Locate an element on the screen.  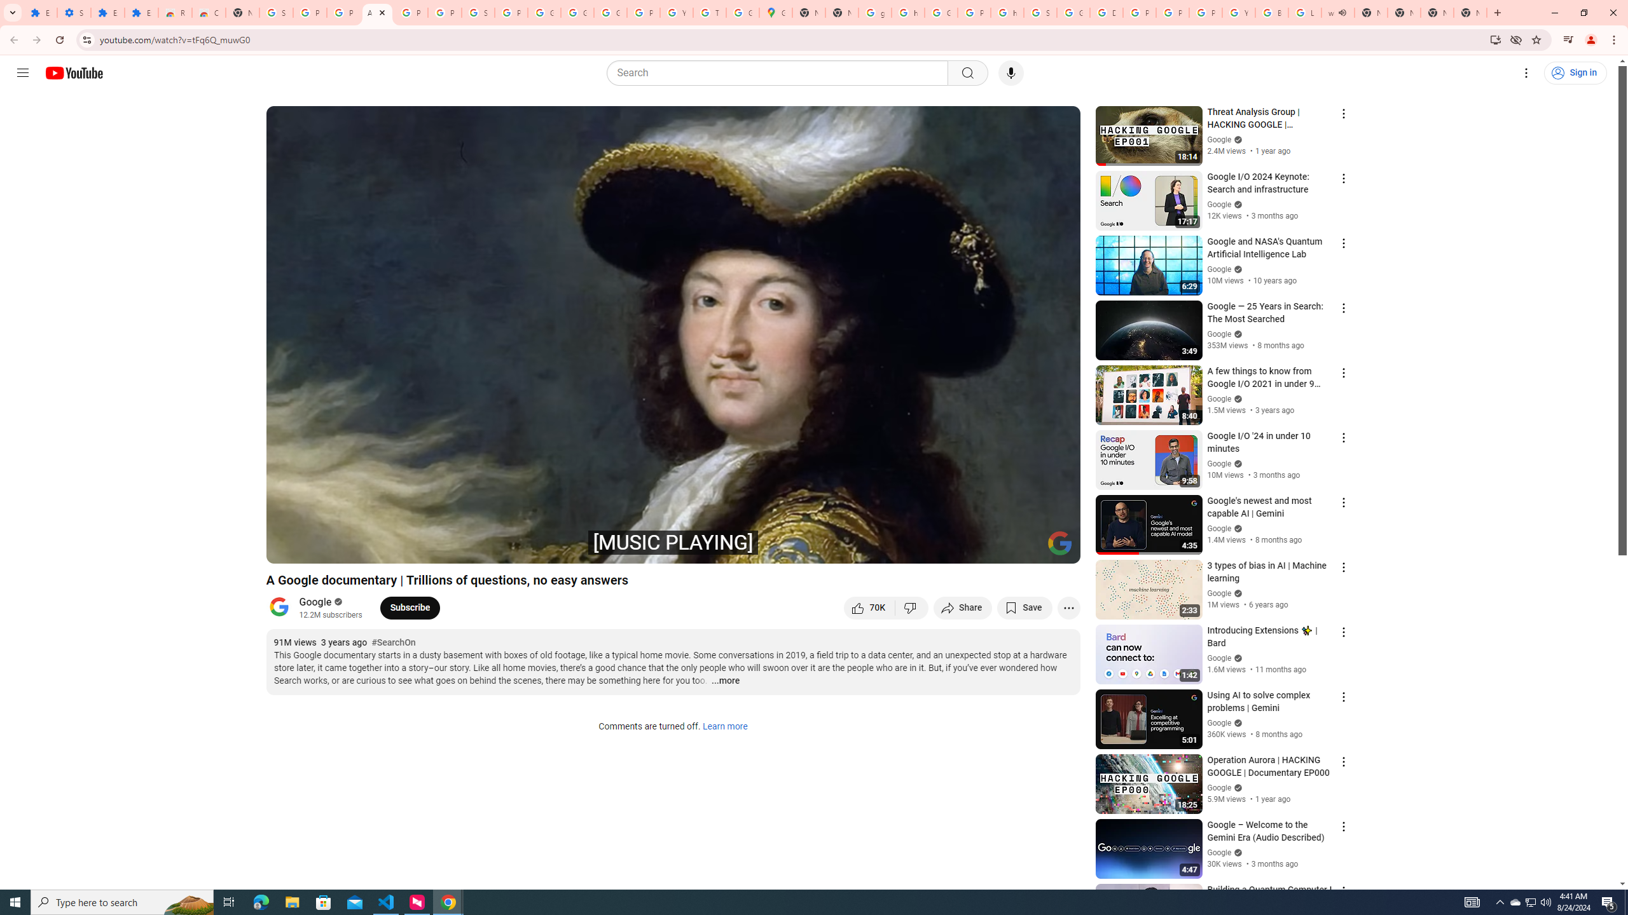
'Dislike this video' is located at coordinates (912, 607).